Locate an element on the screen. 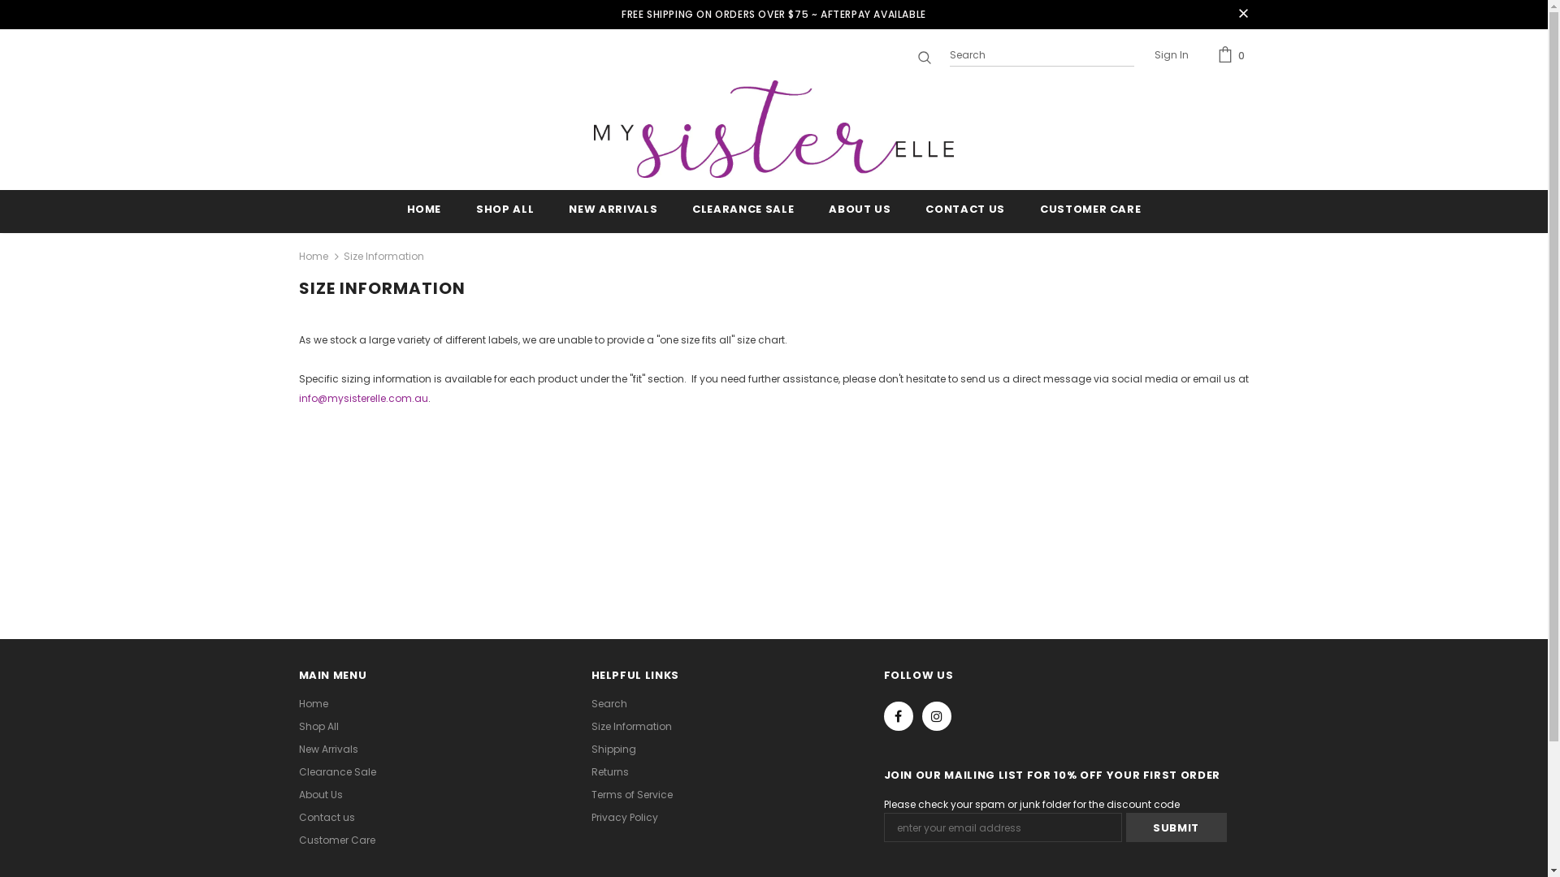  'info@mysisterelle.com.au' is located at coordinates (362, 398).